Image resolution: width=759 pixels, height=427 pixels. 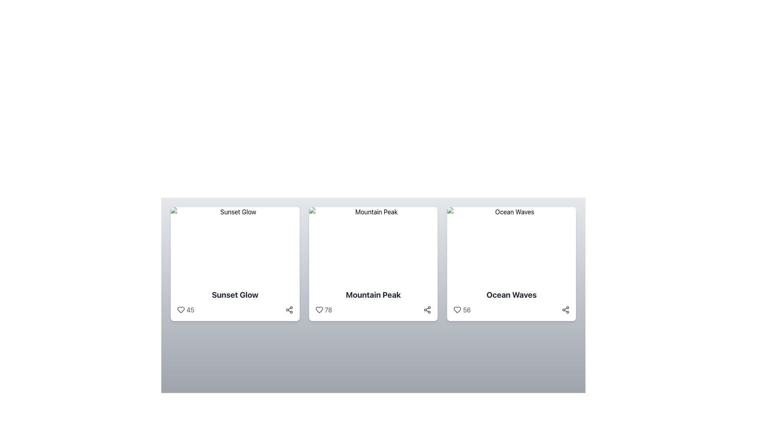 I want to click on the heart-shaped icon indicating likes, positioned to the left of the numeral '45', associated with the item titled 'Sunset Glow', so click(x=180, y=309).